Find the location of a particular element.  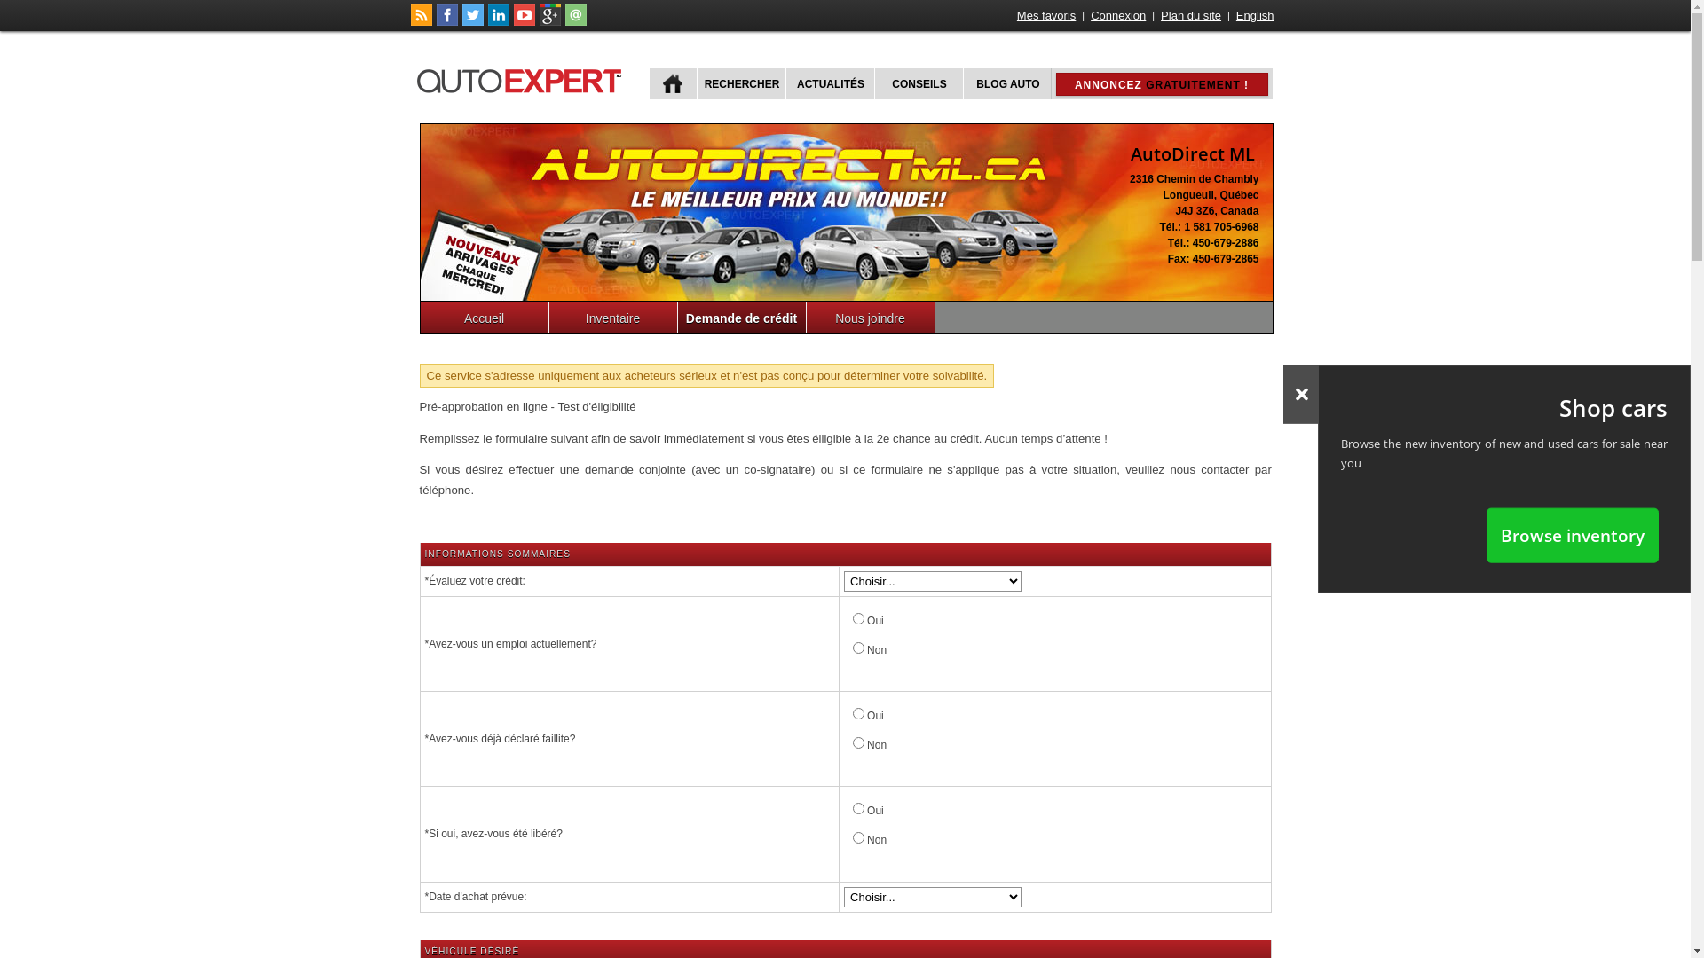

'Suivez autoExpert.ca sur Google Plus' is located at coordinates (548, 21).